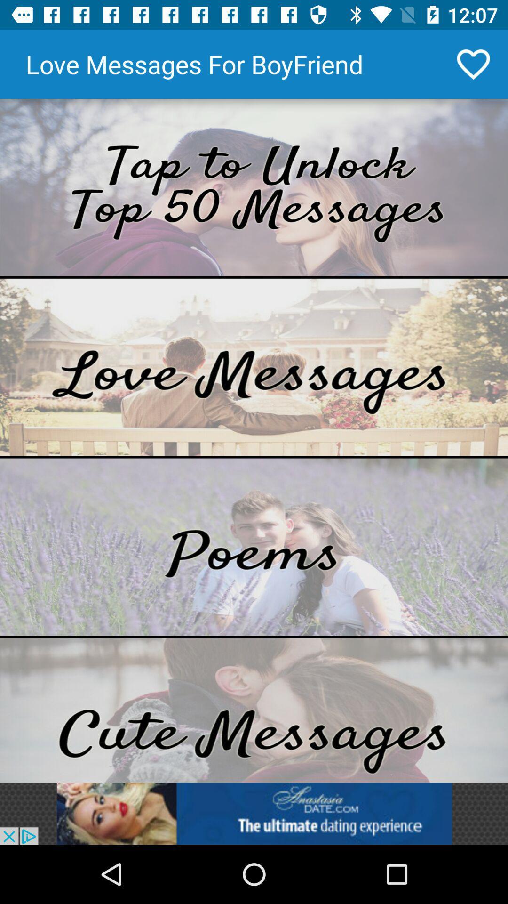 This screenshot has width=508, height=904. What do you see at coordinates (254, 366) in the screenshot?
I see `open love messages` at bounding box center [254, 366].